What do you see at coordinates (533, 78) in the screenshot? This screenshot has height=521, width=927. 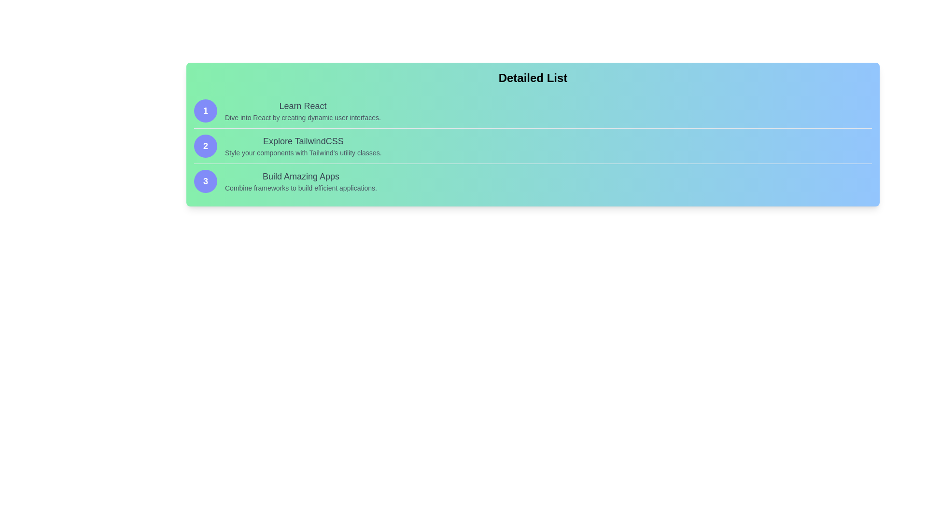 I see `text from the label displaying 'Detailed List' which is styled with a bold font and positioned at the top of the display area` at bounding box center [533, 78].